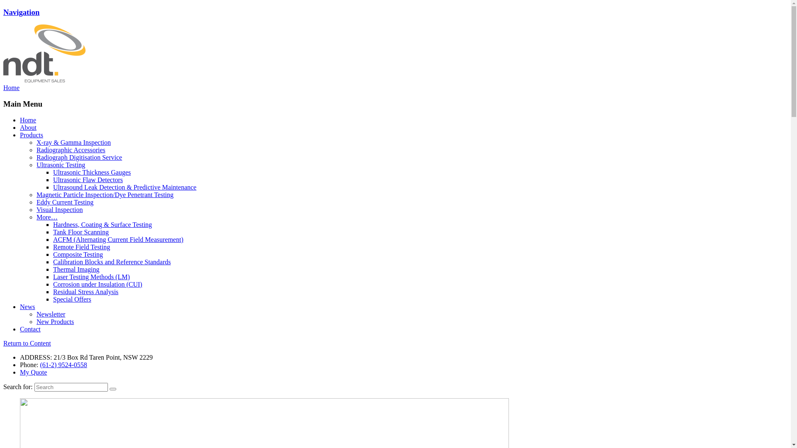 The height and width of the screenshot is (448, 797). Describe the element at coordinates (71, 150) in the screenshot. I see `'Radiographic Accessories'` at that location.